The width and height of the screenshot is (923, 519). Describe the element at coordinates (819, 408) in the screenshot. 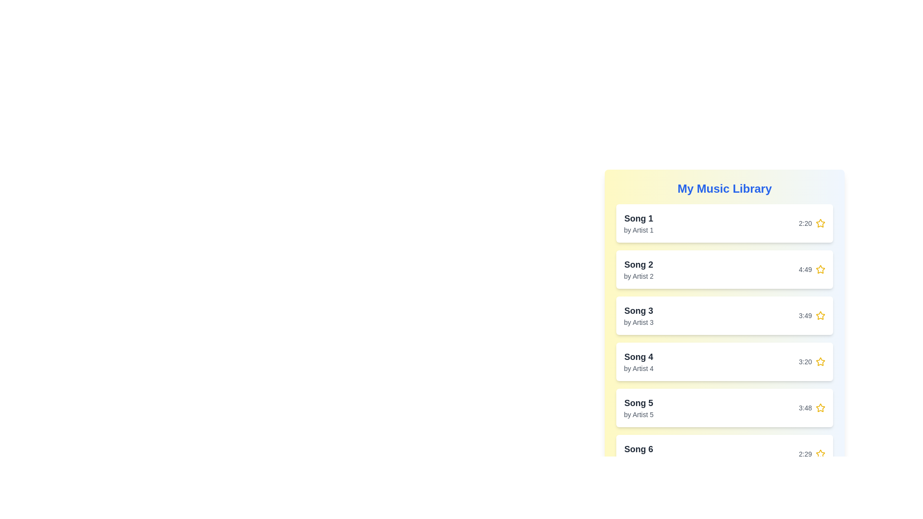

I see `the interactive star icon located to the far-right of the fifth row in the 'My Music Library' section` at that location.